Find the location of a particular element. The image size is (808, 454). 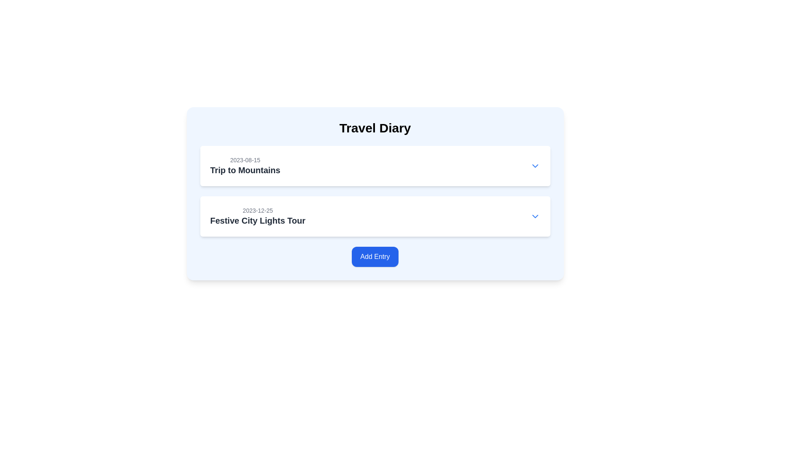

the Label displaying '2023-08-15' and 'Trip to Mountains' in the travel diary interface, which is positioned in the upper section above the entry '2023-12-25 Festive City Lights Tour' is located at coordinates (245, 166).